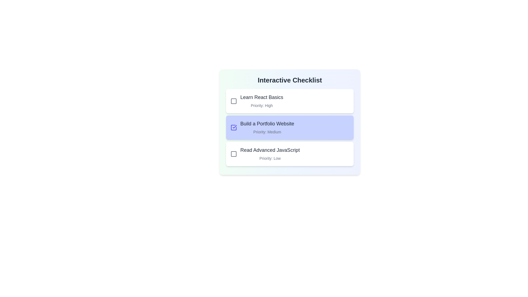 The image size is (528, 297). What do you see at coordinates (290, 101) in the screenshot?
I see `the checklist item Learn React Basics to observe its hover effect` at bounding box center [290, 101].